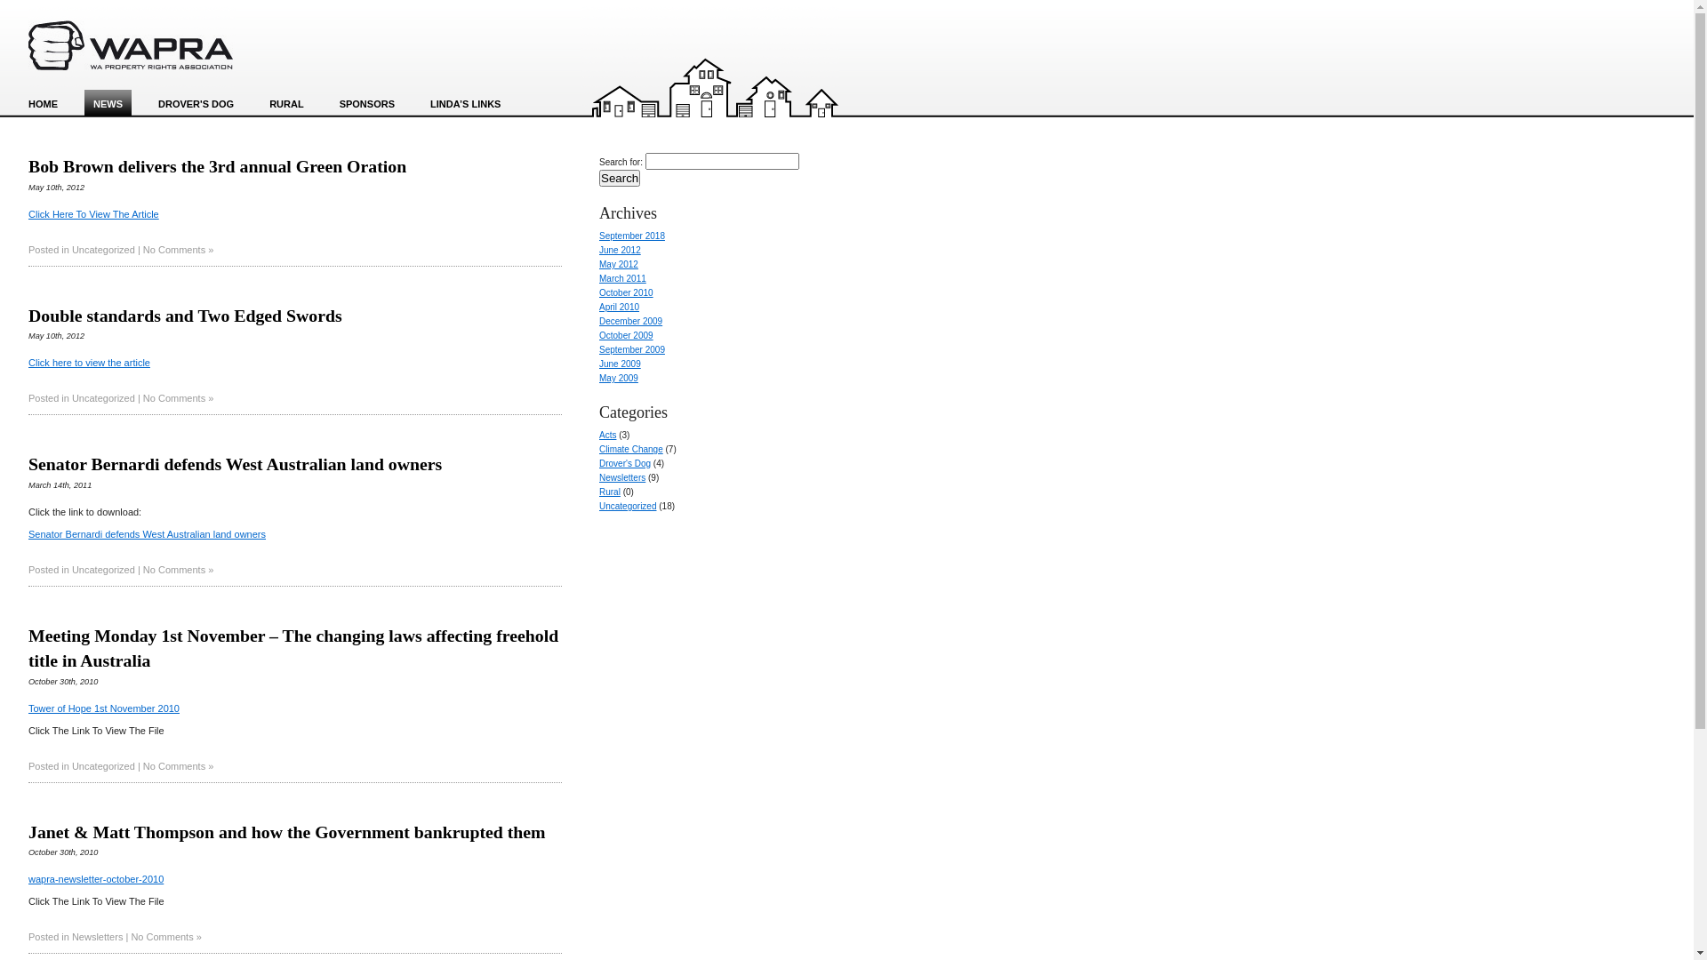  What do you see at coordinates (88, 362) in the screenshot?
I see `'Click here to view the article'` at bounding box center [88, 362].